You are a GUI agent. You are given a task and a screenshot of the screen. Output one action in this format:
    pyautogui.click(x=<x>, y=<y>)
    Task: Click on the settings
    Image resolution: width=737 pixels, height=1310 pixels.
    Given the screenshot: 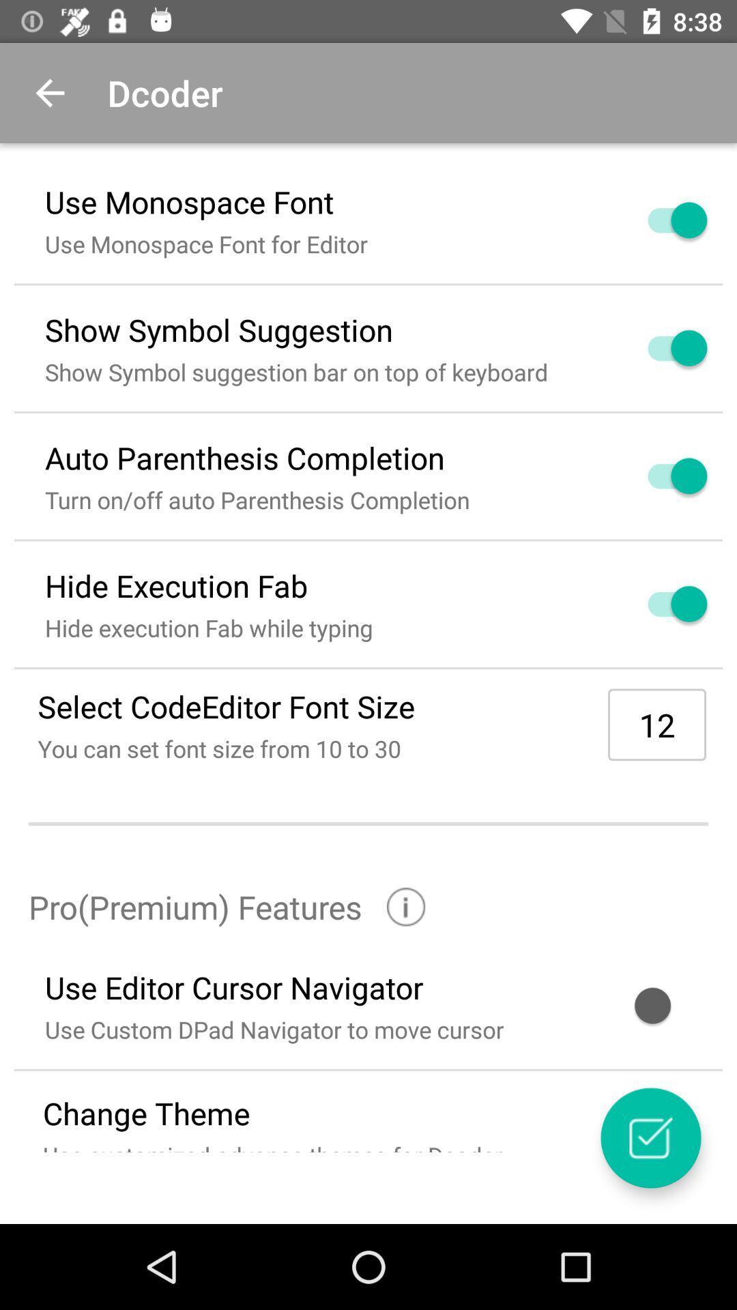 What is the action you would take?
    pyautogui.click(x=650, y=1137)
    